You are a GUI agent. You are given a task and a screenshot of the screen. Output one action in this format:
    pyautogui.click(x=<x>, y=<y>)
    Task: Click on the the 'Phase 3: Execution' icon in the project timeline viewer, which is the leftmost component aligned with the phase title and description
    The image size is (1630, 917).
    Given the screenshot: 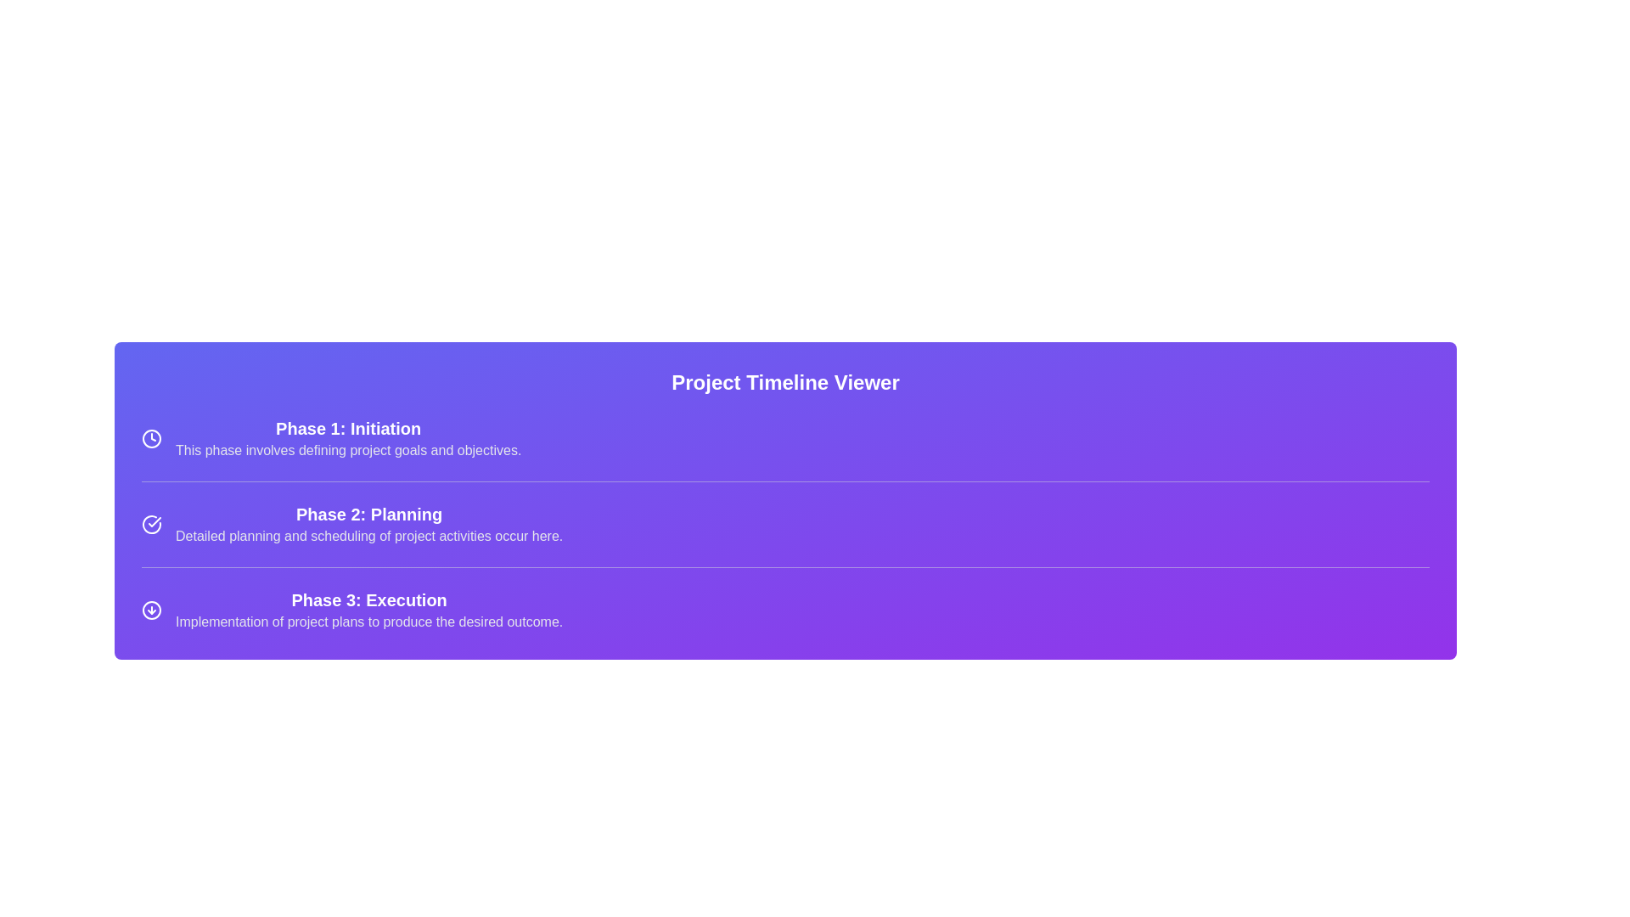 What is the action you would take?
    pyautogui.click(x=151, y=609)
    